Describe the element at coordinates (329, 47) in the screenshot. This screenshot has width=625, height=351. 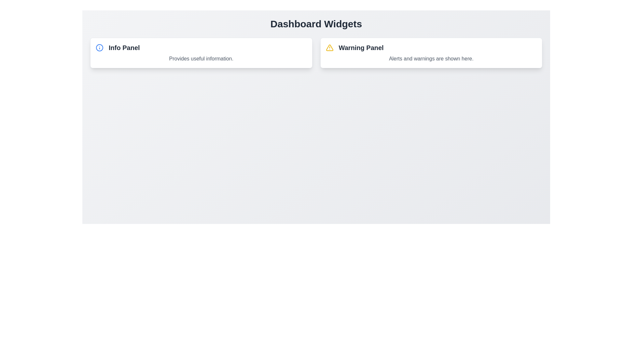
I see `the triangular caution icon located to the left of the text 'Warning Panel' in the right panel of the interface` at that location.